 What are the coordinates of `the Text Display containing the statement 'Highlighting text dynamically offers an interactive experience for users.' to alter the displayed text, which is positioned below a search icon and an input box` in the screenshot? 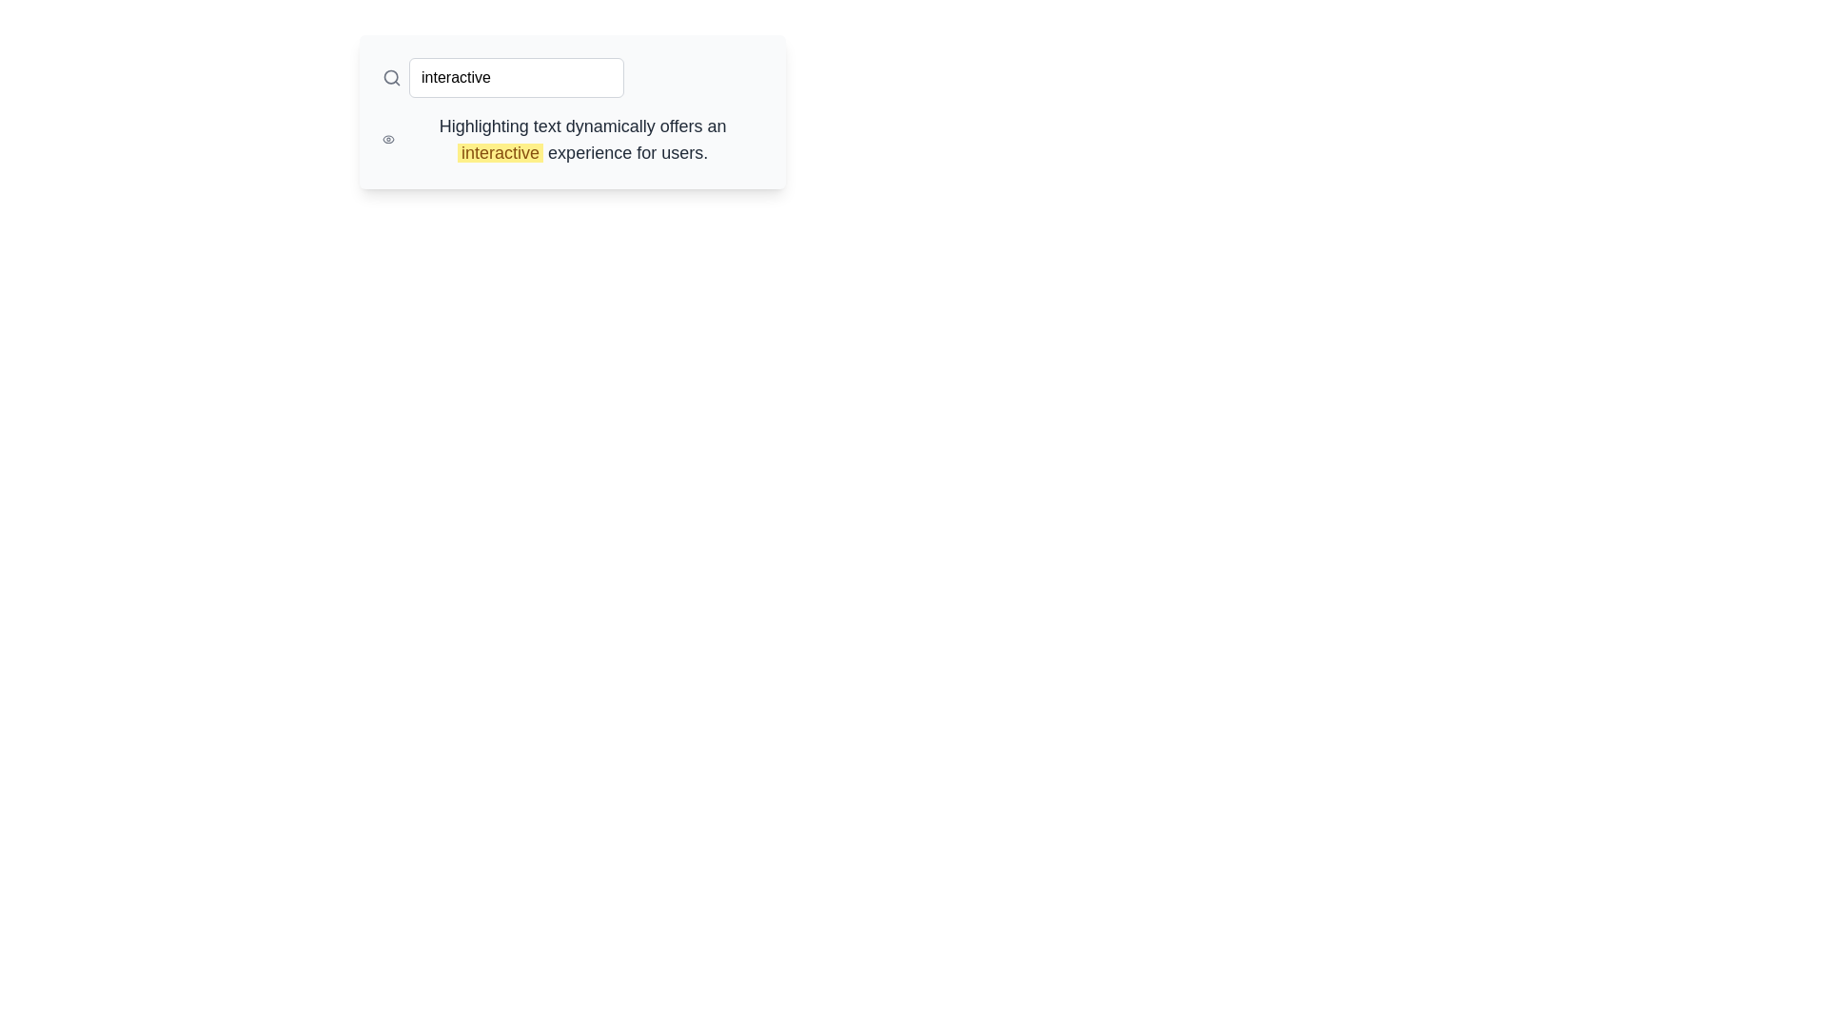 It's located at (571, 112).